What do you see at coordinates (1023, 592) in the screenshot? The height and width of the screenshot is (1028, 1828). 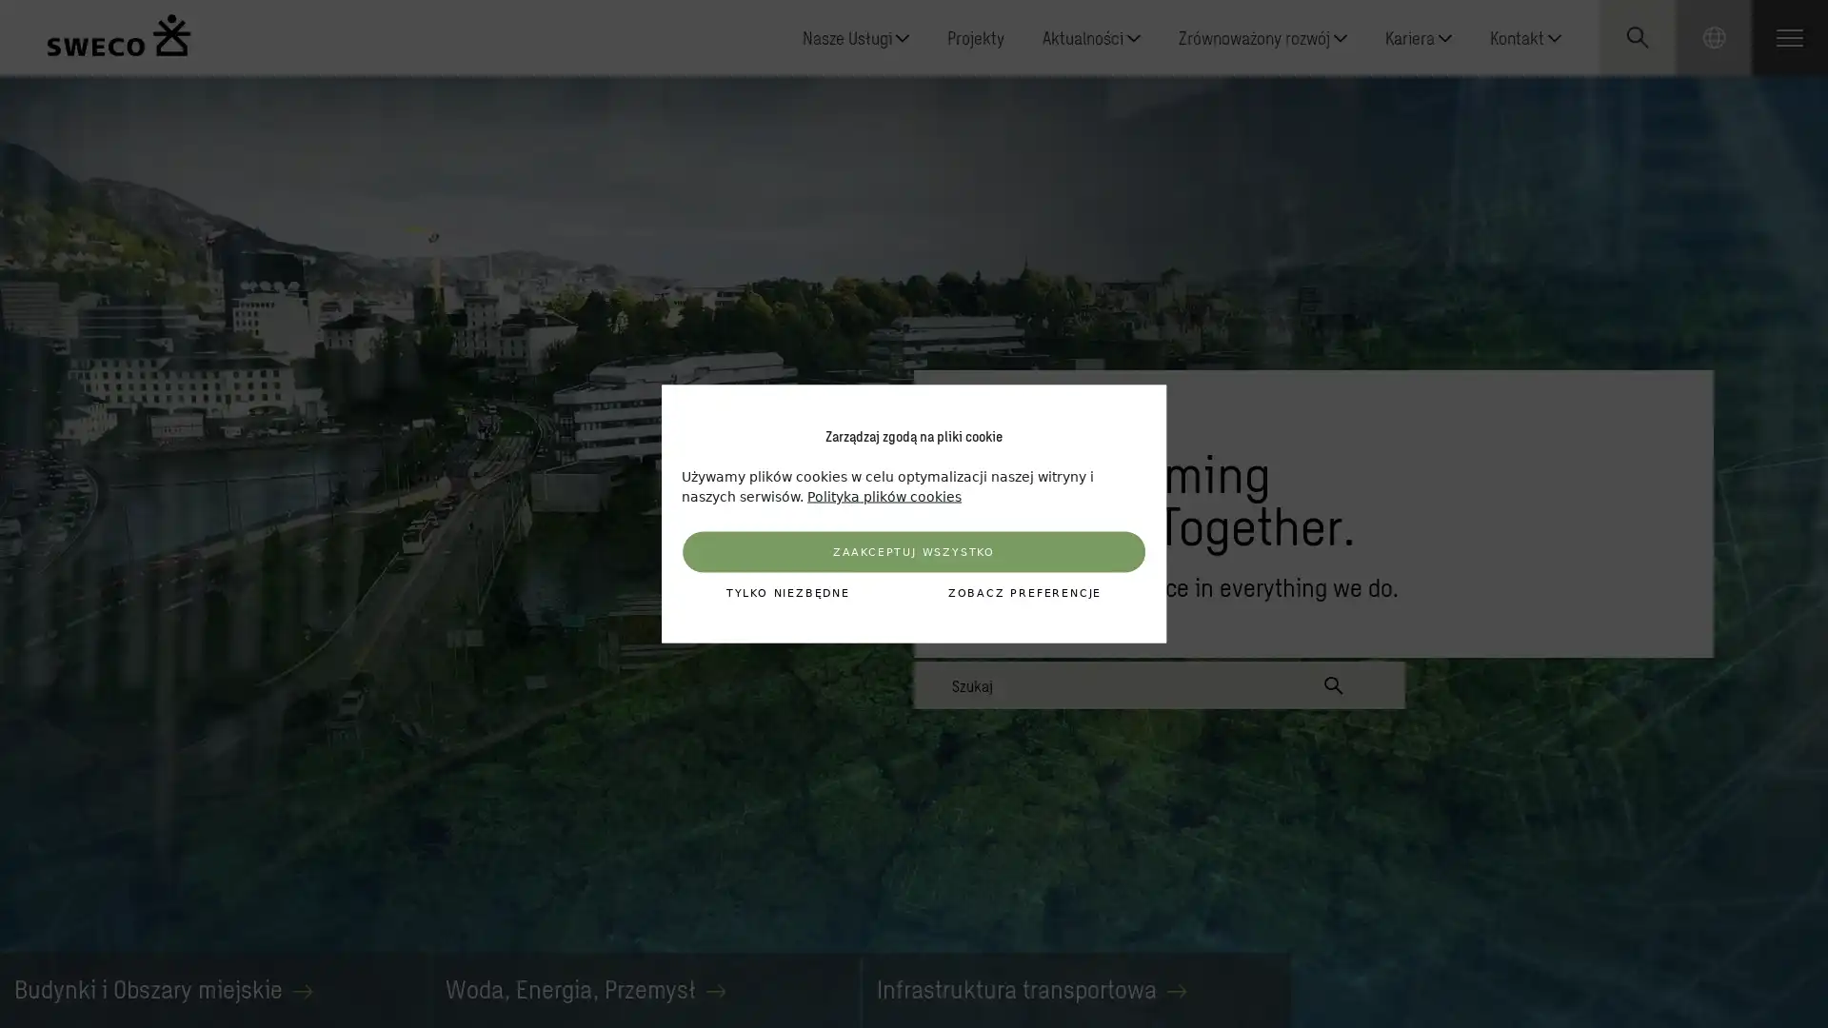 I see `ZOBACZ PREFERENCJE` at bounding box center [1023, 592].